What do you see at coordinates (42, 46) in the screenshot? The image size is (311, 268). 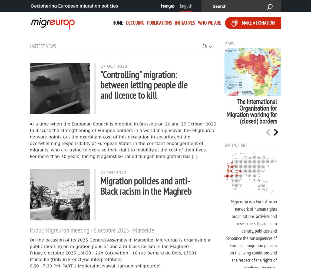 I see `'Lastest news'` at bounding box center [42, 46].